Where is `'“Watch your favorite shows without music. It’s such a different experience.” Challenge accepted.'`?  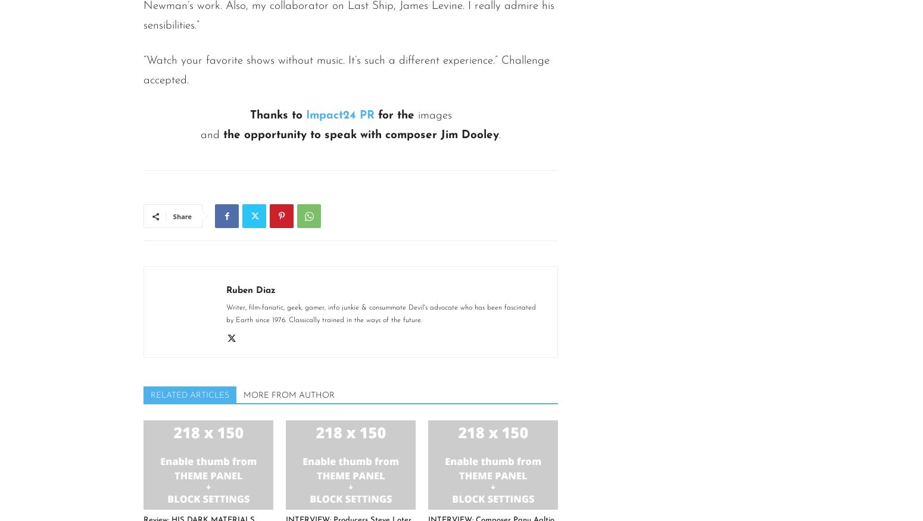
'“Watch your favorite shows without music. It’s such a different experience.” Challenge accepted.' is located at coordinates (347, 71).